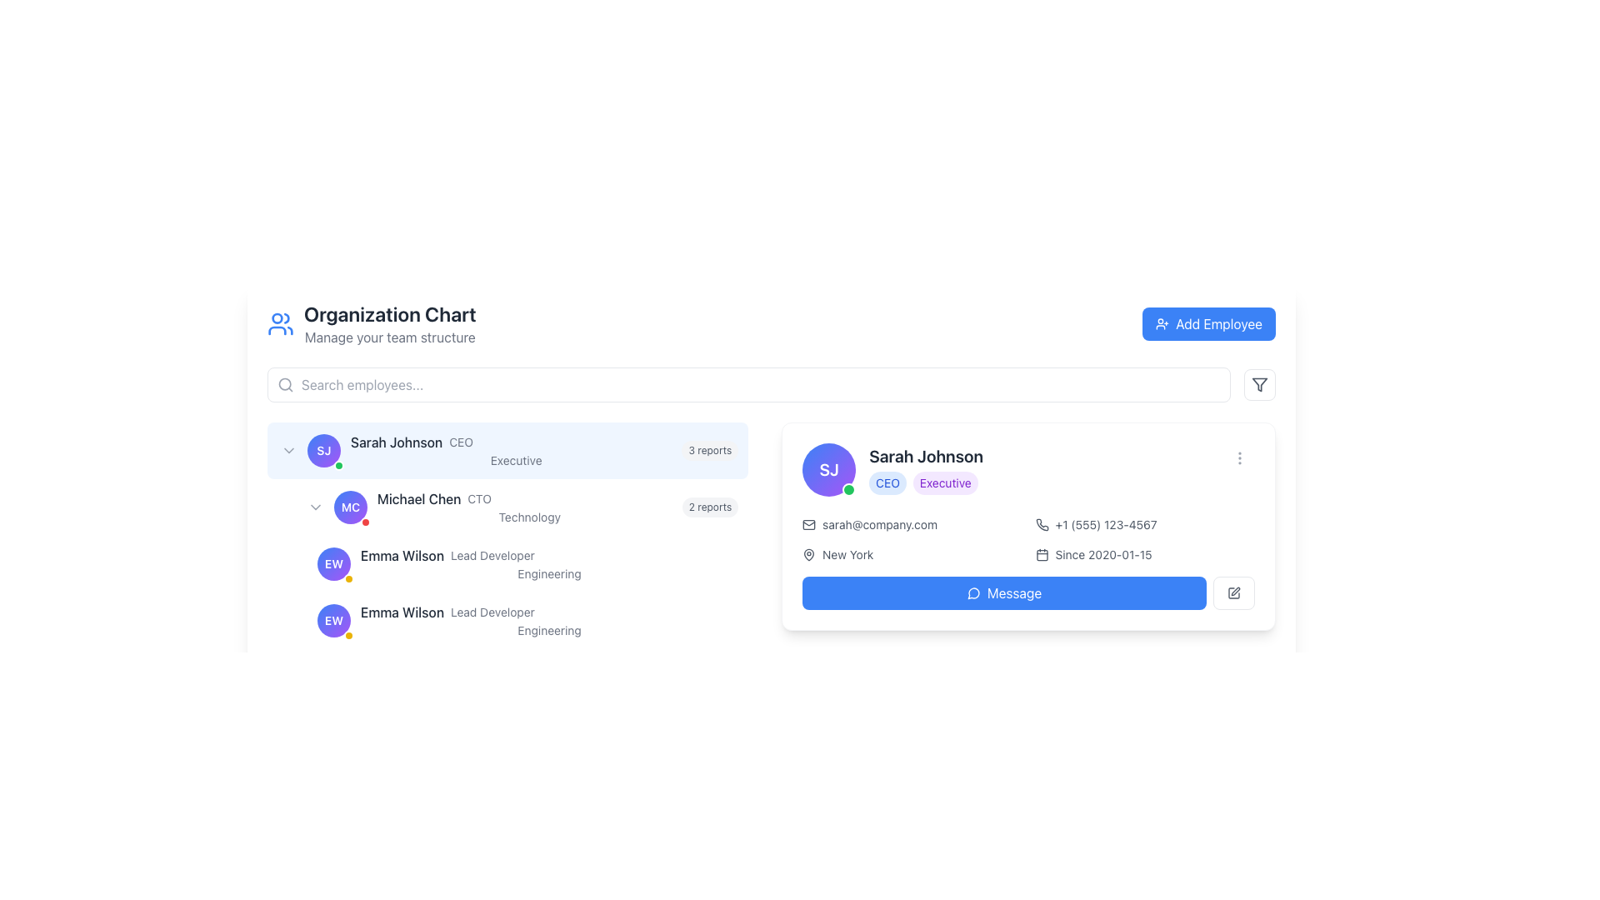 The width and height of the screenshot is (1600, 900). Describe the element at coordinates (520, 507) in the screenshot. I see `the second list item under the main entry 'Sarah Johnson'` at that location.